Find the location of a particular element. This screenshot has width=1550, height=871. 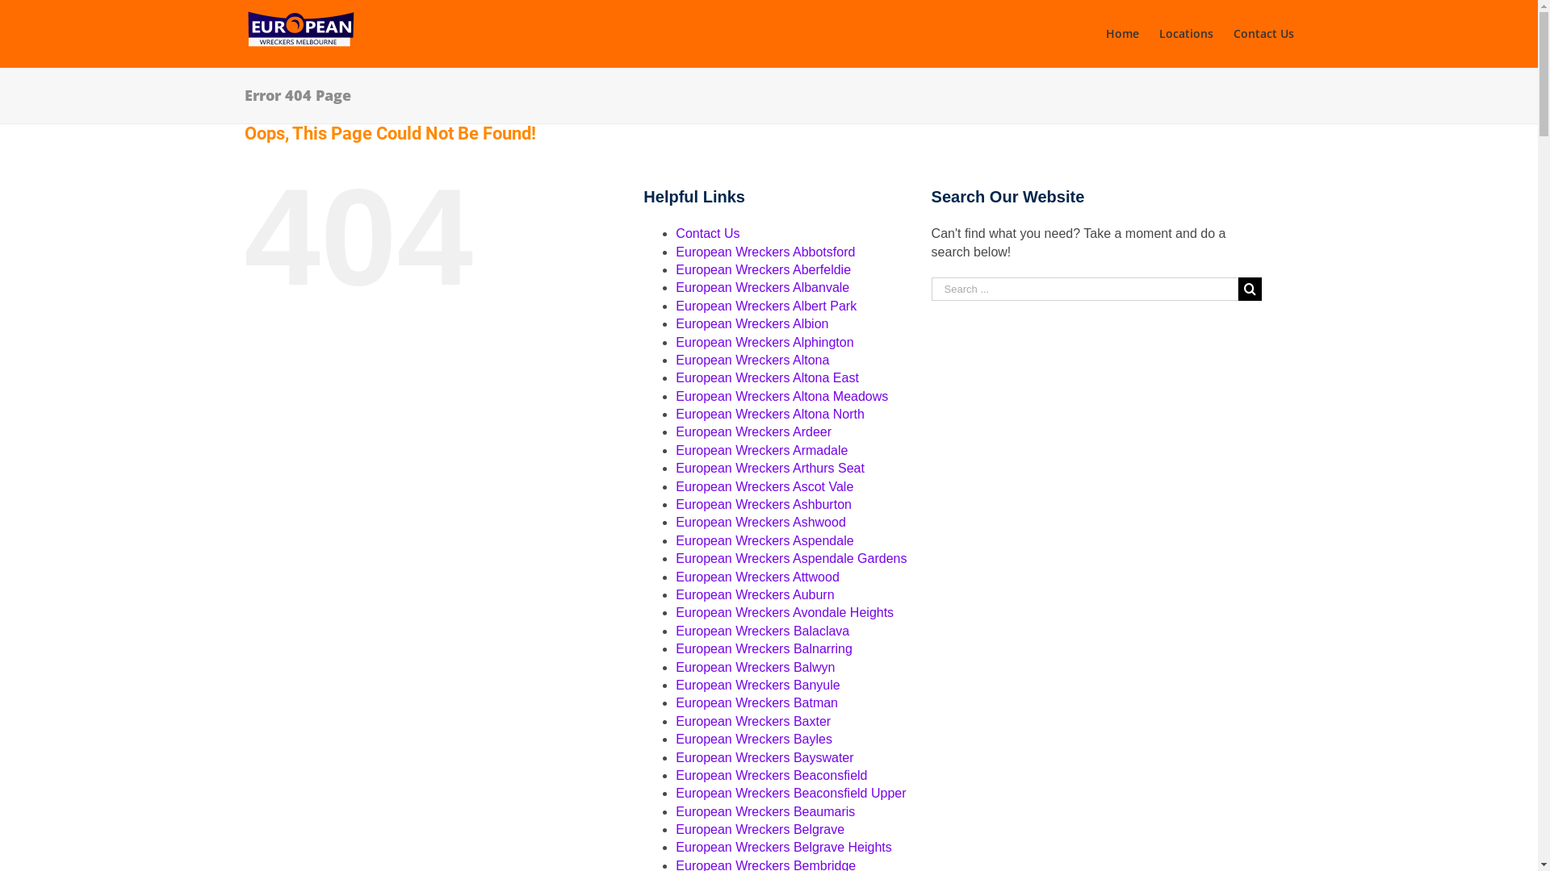

'European Wreckers Ardeer' is located at coordinates (752, 431).